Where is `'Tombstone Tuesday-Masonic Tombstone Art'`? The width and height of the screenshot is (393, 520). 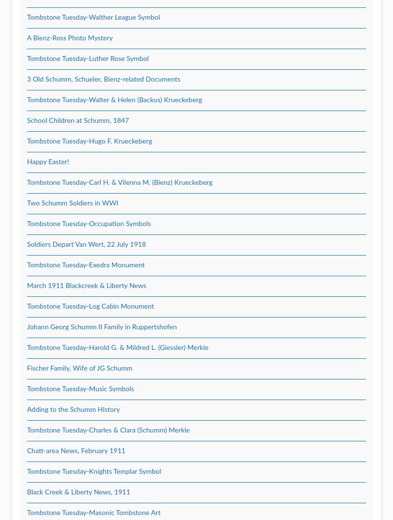
'Tombstone Tuesday-Masonic Tombstone Art' is located at coordinates (93, 513).